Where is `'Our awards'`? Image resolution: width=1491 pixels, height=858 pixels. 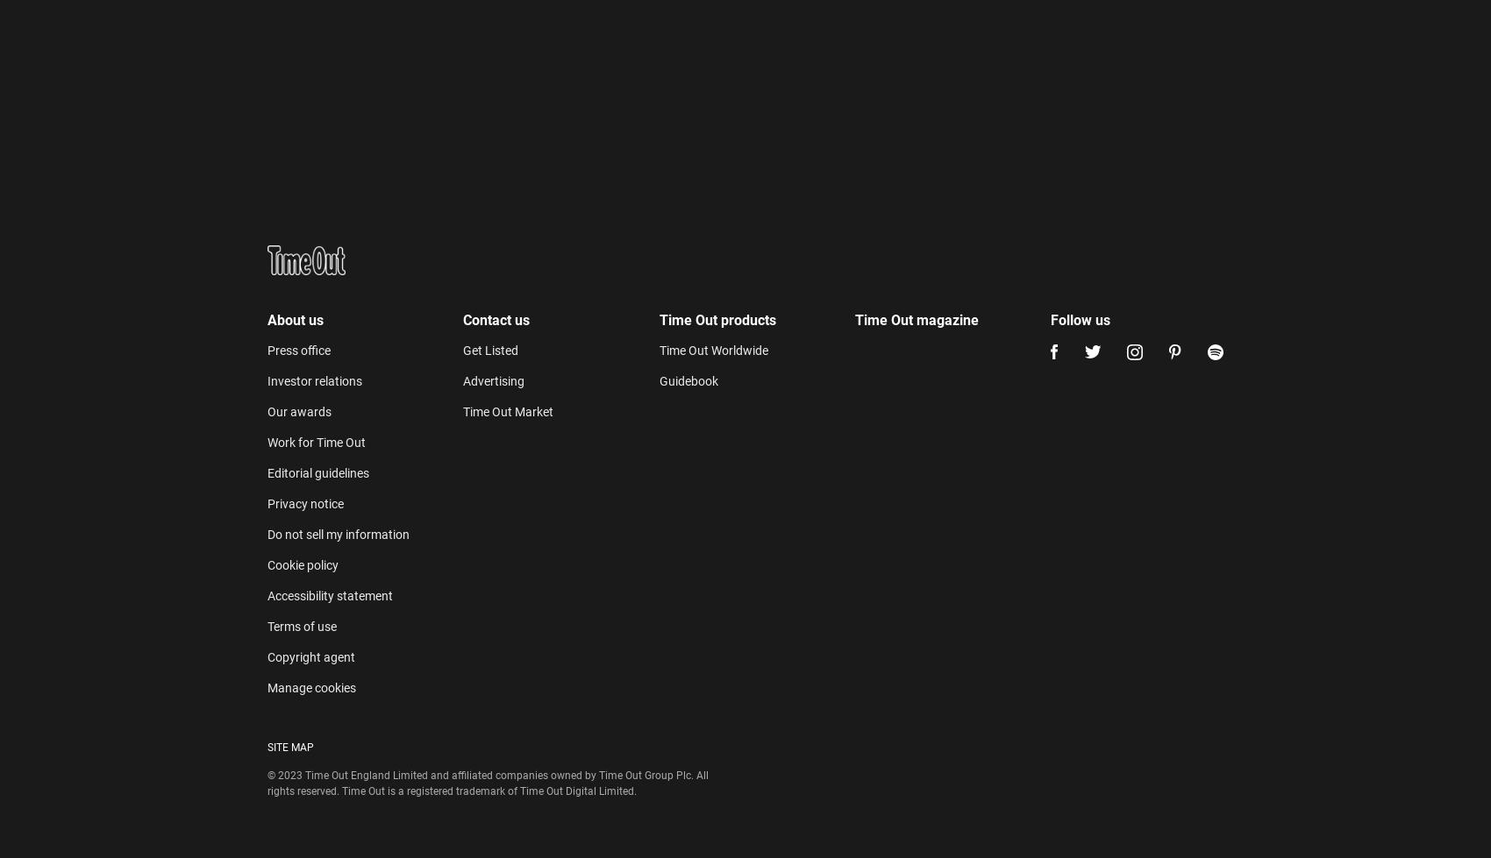 'Our awards' is located at coordinates (298, 24).